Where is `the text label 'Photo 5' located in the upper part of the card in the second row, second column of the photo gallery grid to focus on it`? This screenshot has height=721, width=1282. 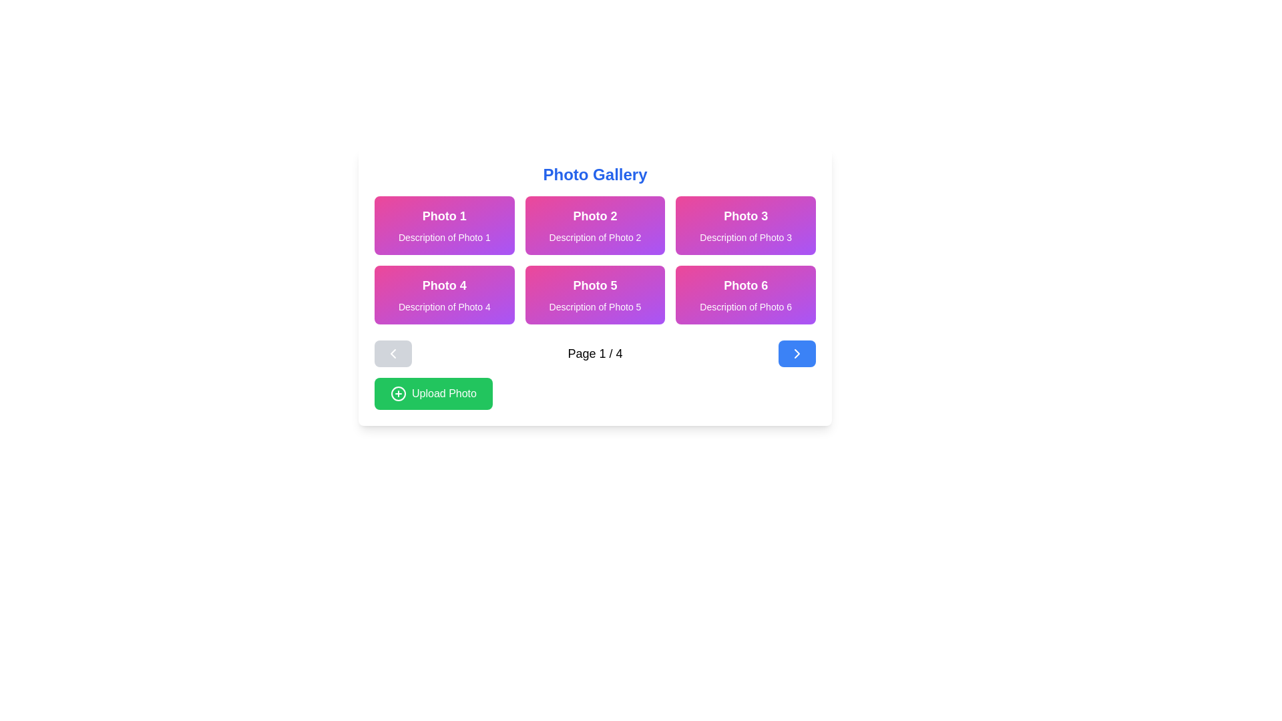
the text label 'Photo 5' located in the upper part of the card in the second row, second column of the photo gallery grid to focus on it is located at coordinates (594, 285).